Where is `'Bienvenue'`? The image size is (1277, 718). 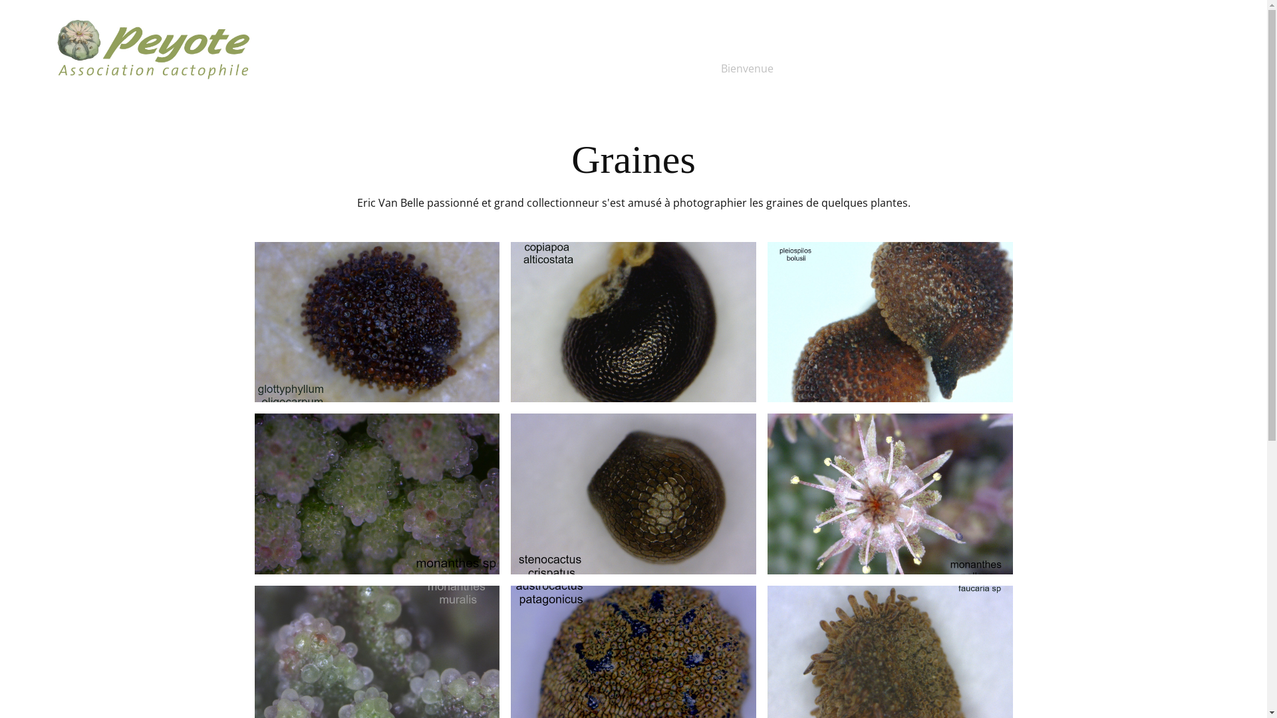 'Bienvenue' is located at coordinates (747, 68).